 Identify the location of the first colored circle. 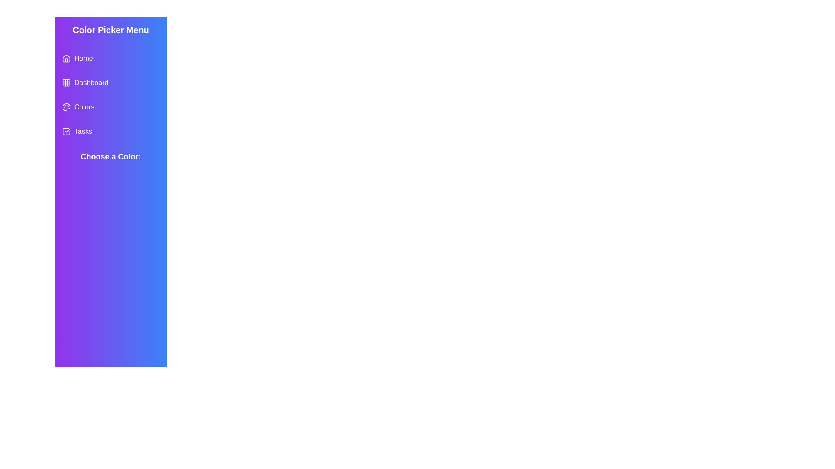
(71, 175).